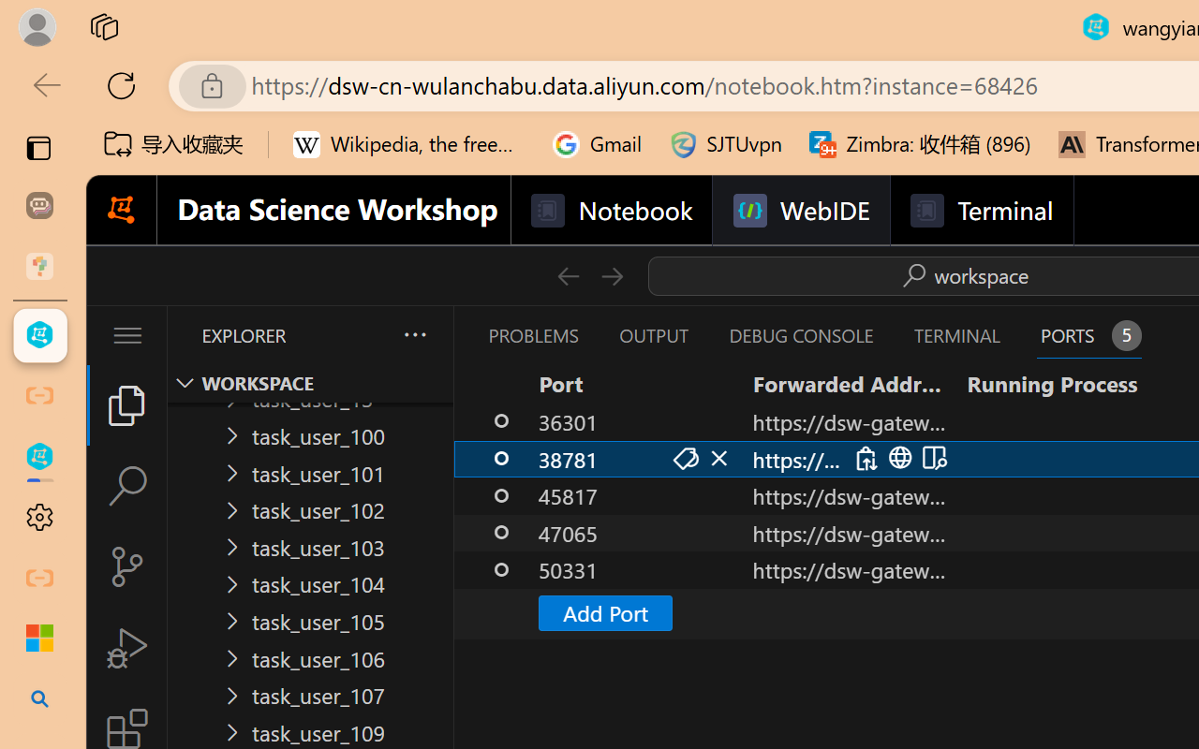  What do you see at coordinates (408, 144) in the screenshot?
I see `'Wikipedia, the free encyclopedia'` at bounding box center [408, 144].